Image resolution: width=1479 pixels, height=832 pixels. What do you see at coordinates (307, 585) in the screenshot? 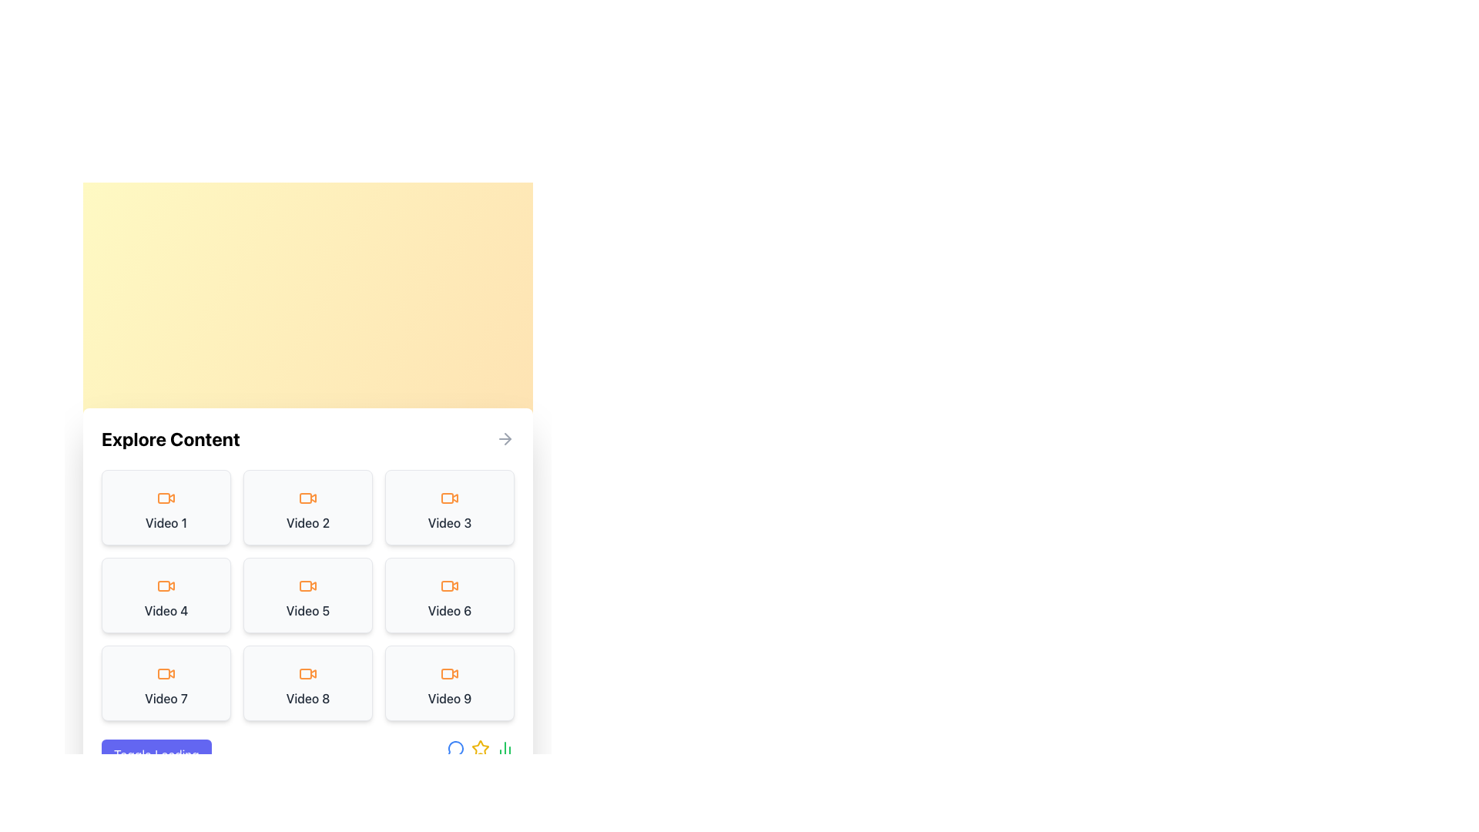
I see `the video camera icon with an orange outline located in the fifth box of the 'Explore Content' section, which is centered above the text 'Video 5'` at bounding box center [307, 585].